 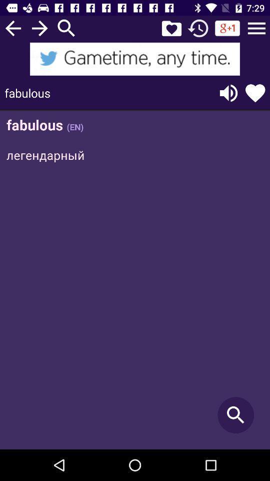 What do you see at coordinates (228, 93) in the screenshot?
I see `listen to the text` at bounding box center [228, 93].